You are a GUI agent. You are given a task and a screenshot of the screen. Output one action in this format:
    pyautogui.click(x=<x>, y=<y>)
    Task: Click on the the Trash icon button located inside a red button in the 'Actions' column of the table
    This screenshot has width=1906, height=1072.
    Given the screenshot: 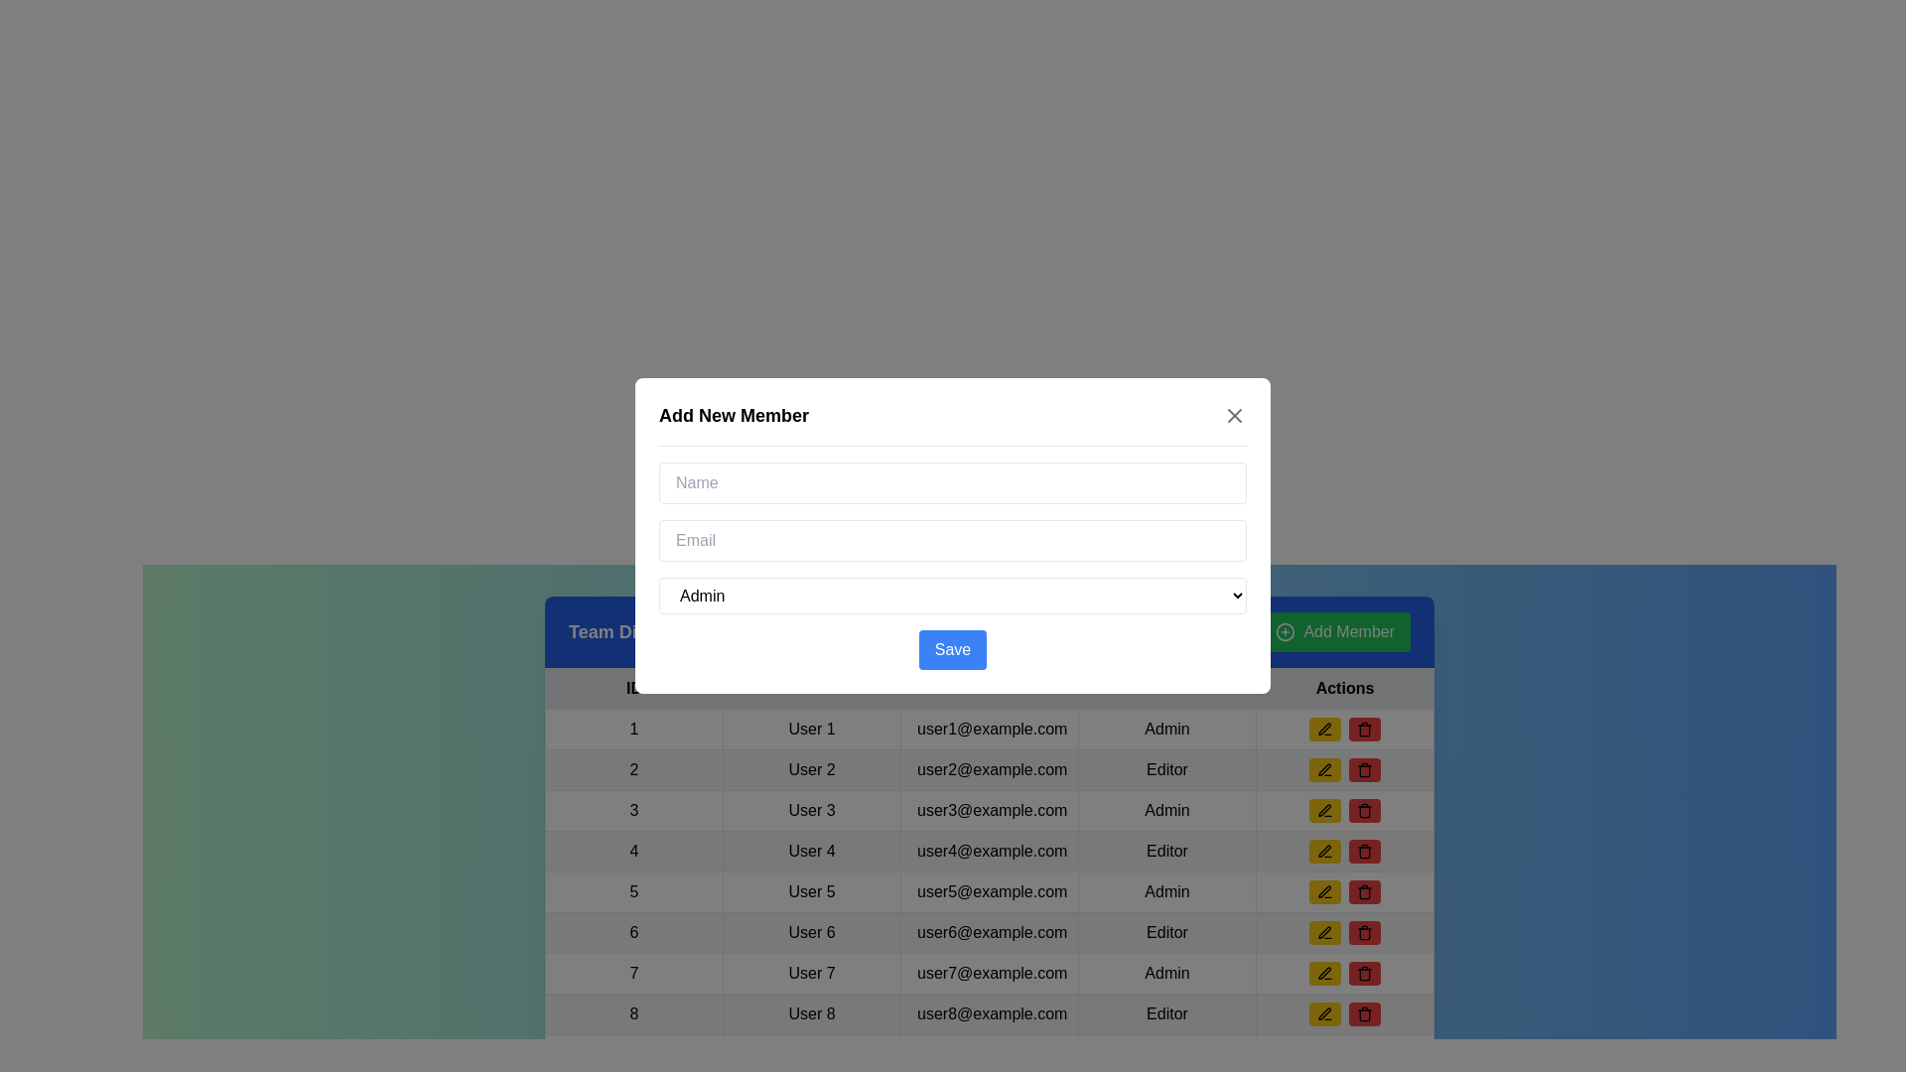 What is the action you would take?
    pyautogui.click(x=1363, y=890)
    